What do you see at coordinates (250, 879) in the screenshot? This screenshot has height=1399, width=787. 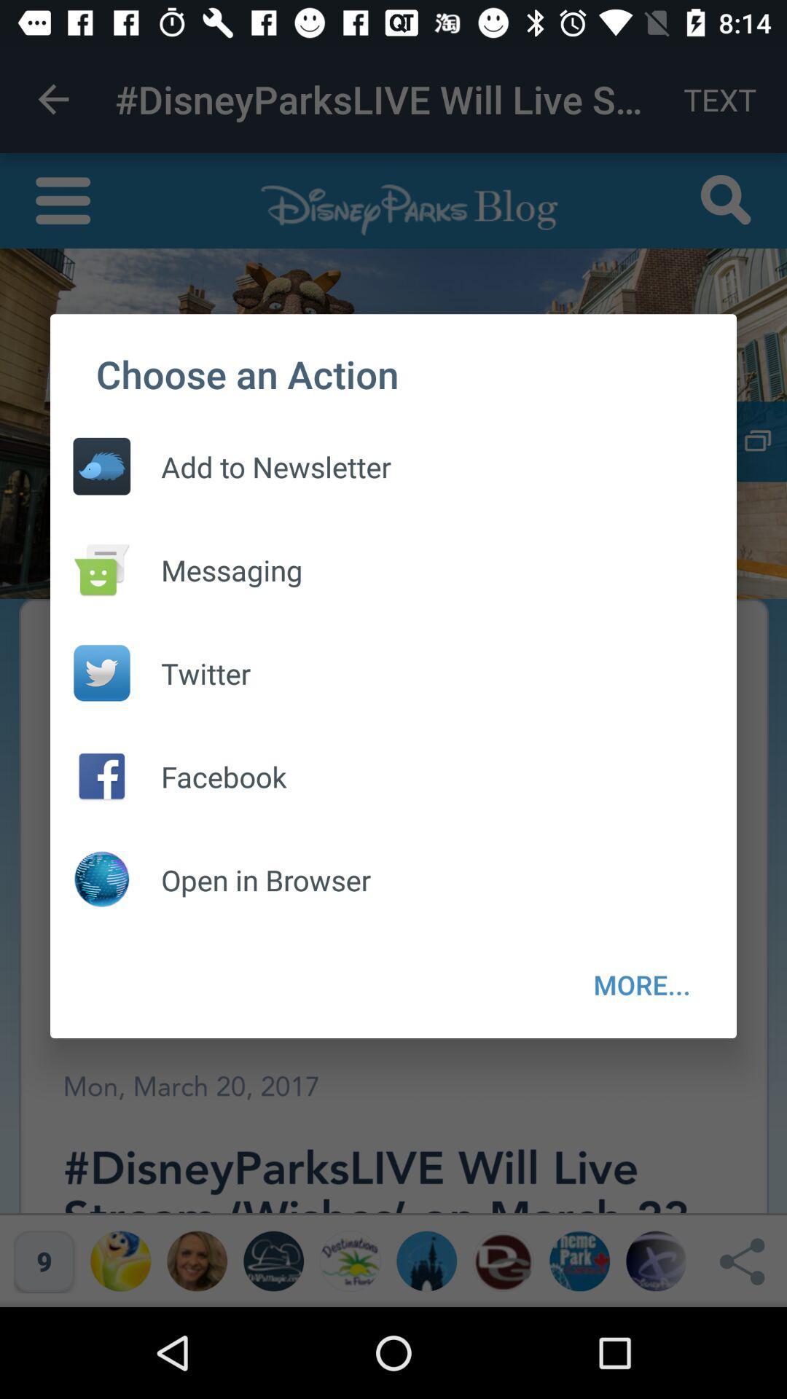 I see `the open in browser icon` at bounding box center [250, 879].